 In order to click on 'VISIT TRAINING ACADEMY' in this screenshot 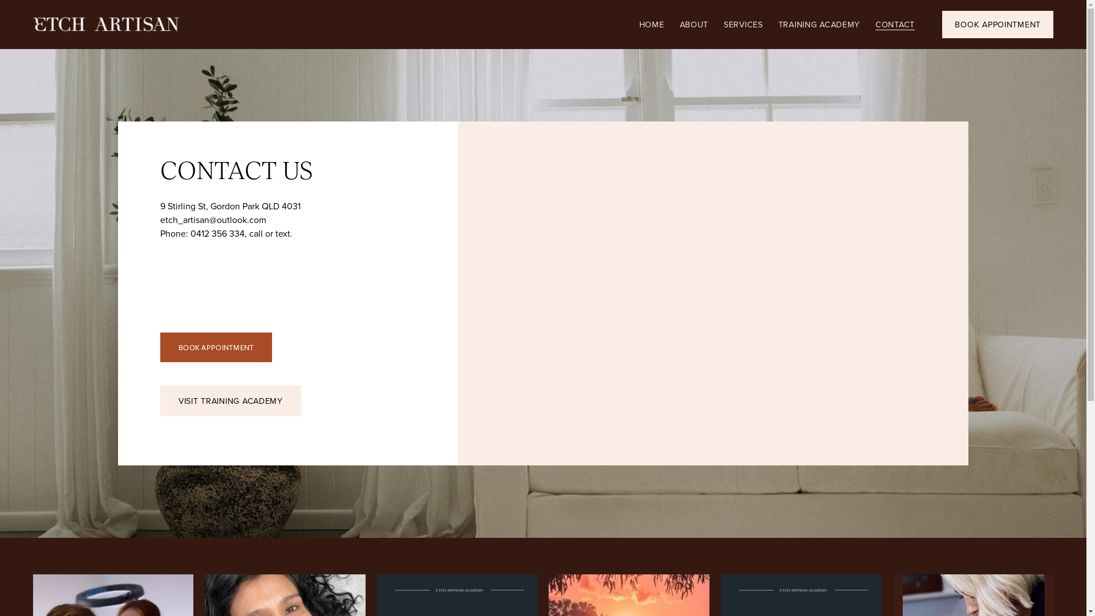, I will do `click(229, 400)`.